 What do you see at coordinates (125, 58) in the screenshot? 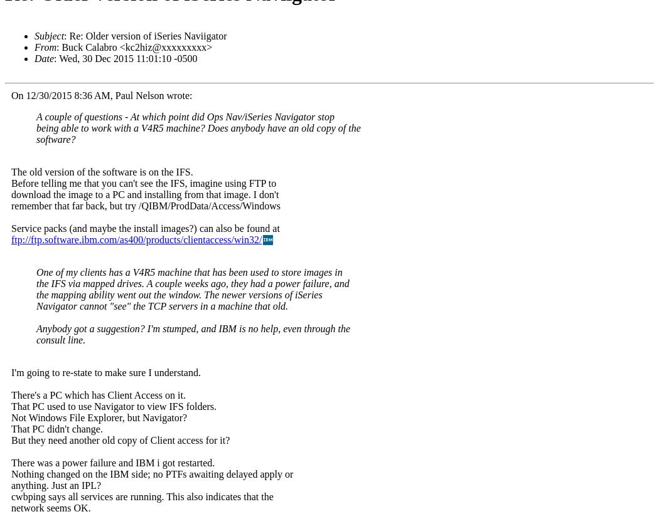
I see `': Wed, 30 Dec 2015 11:01:10 -0500'` at bounding box center [125, 58].